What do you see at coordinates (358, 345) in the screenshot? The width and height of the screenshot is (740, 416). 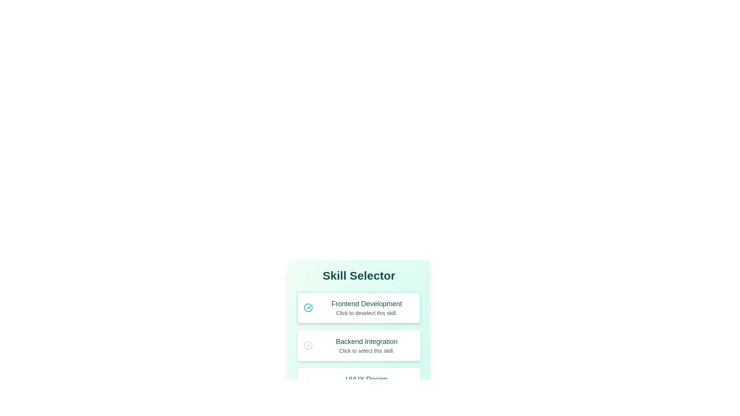 I see `the skill card for Backend Integration` at bounding box center [358, 345].